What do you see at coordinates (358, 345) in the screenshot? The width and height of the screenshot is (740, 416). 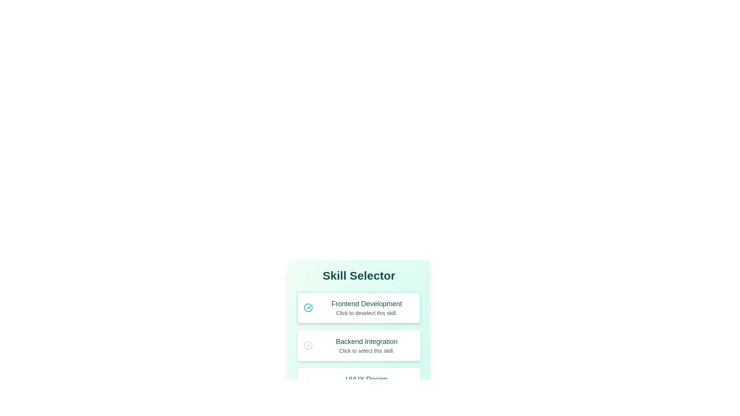 I see `the skill card for Backend Integration` at bounding box center [358, 345].